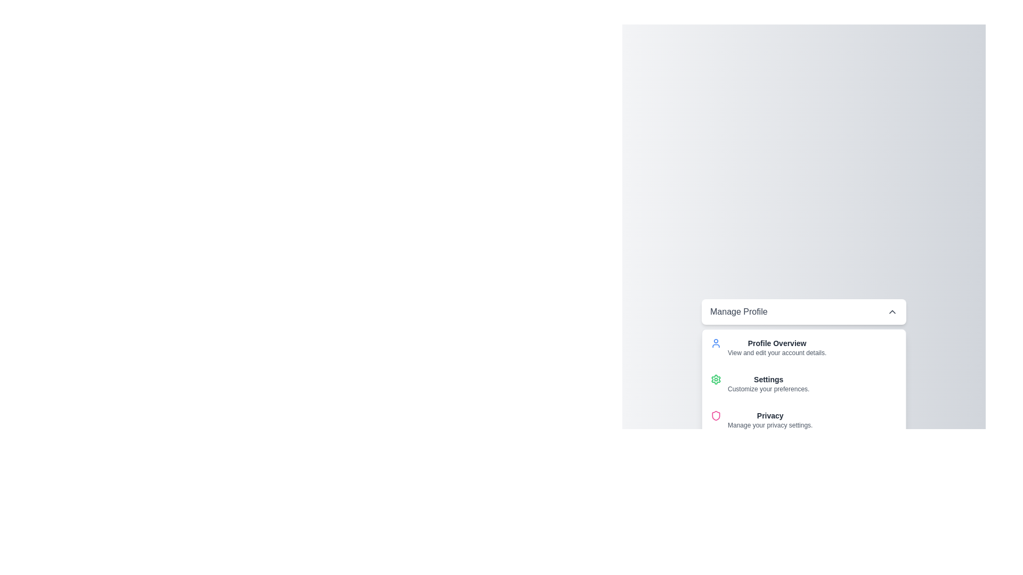 The image size is (1023, 575). What do you see at coordinates (803, 384) in the screenshot?
I see `the 'Settings' navigational list item, which includes a bold heading and an icon to the left` at bounding box center [803, 384].